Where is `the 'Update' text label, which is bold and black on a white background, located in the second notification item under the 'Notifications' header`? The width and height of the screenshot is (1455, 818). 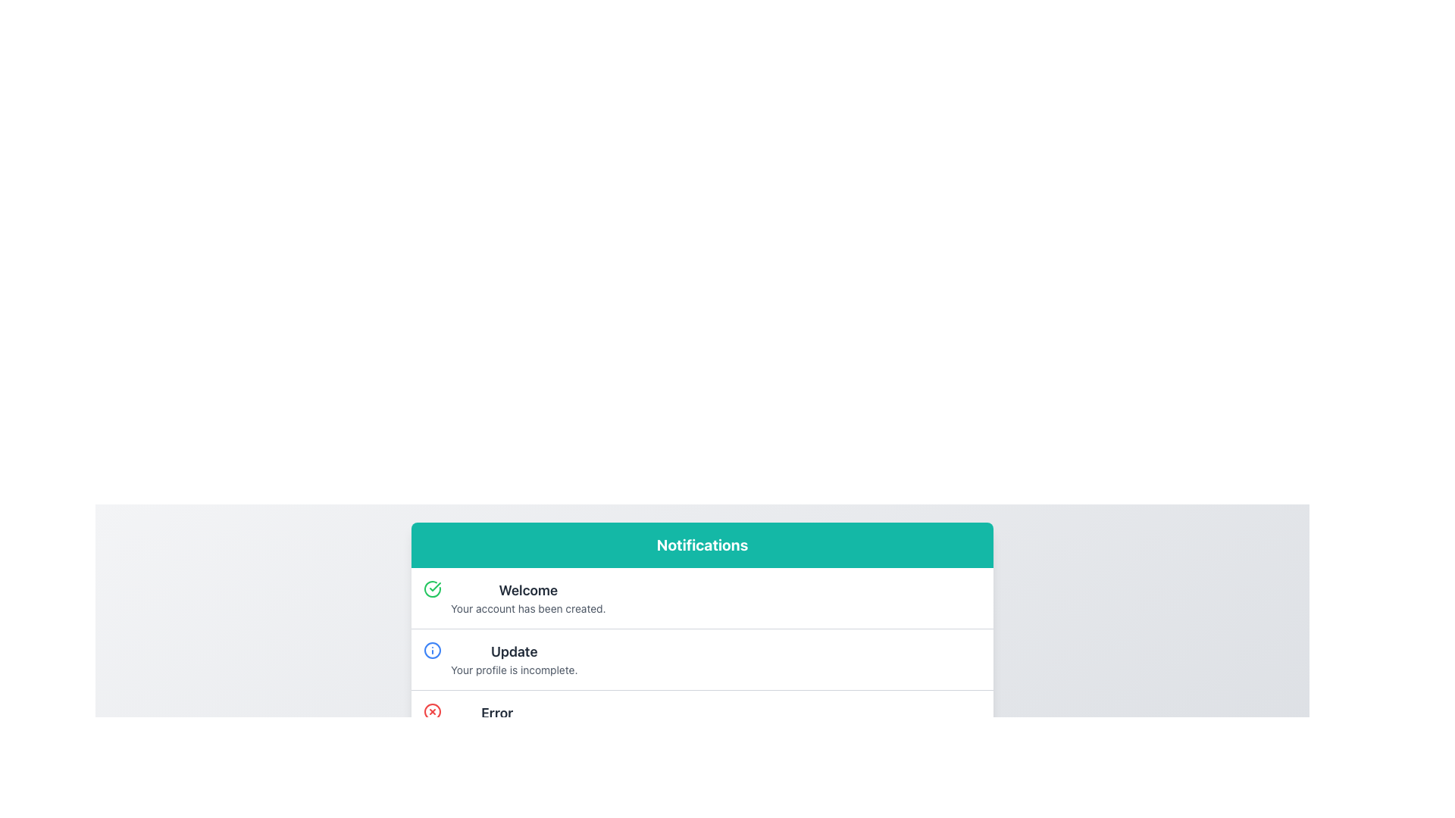 the 'Update' text label, which is bold and black on a white background, located in the second notification item under the 'Notifications' header is located at coordinates (514, 651).